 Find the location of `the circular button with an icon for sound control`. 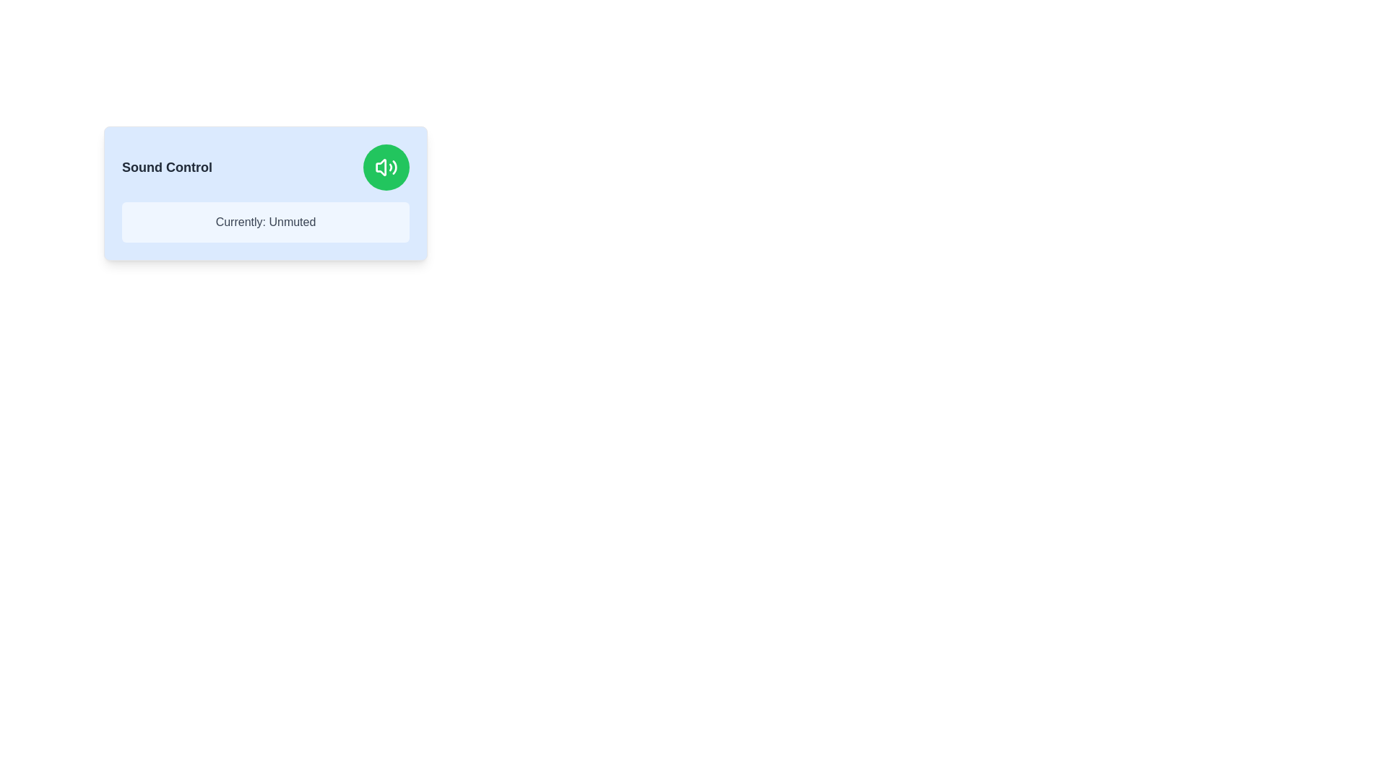

the circular button with an icon for sound control is located at coordinates (386, 166).